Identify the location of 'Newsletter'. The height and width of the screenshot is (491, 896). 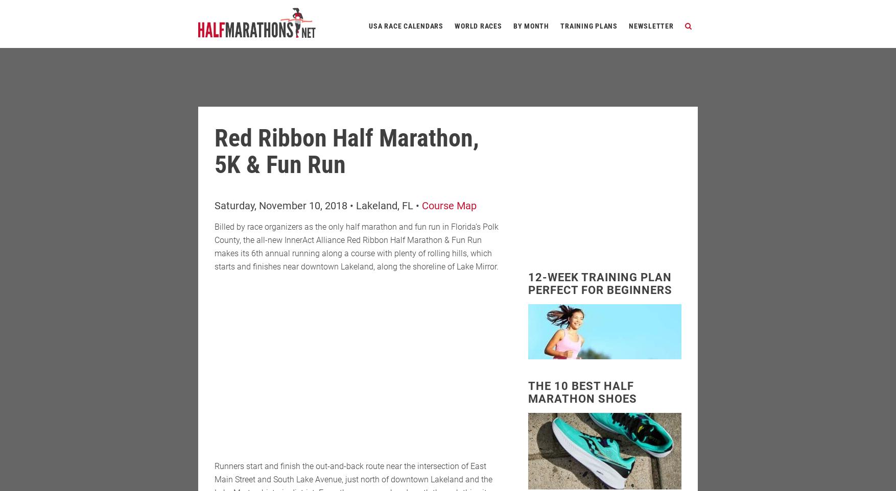
(651, 26).